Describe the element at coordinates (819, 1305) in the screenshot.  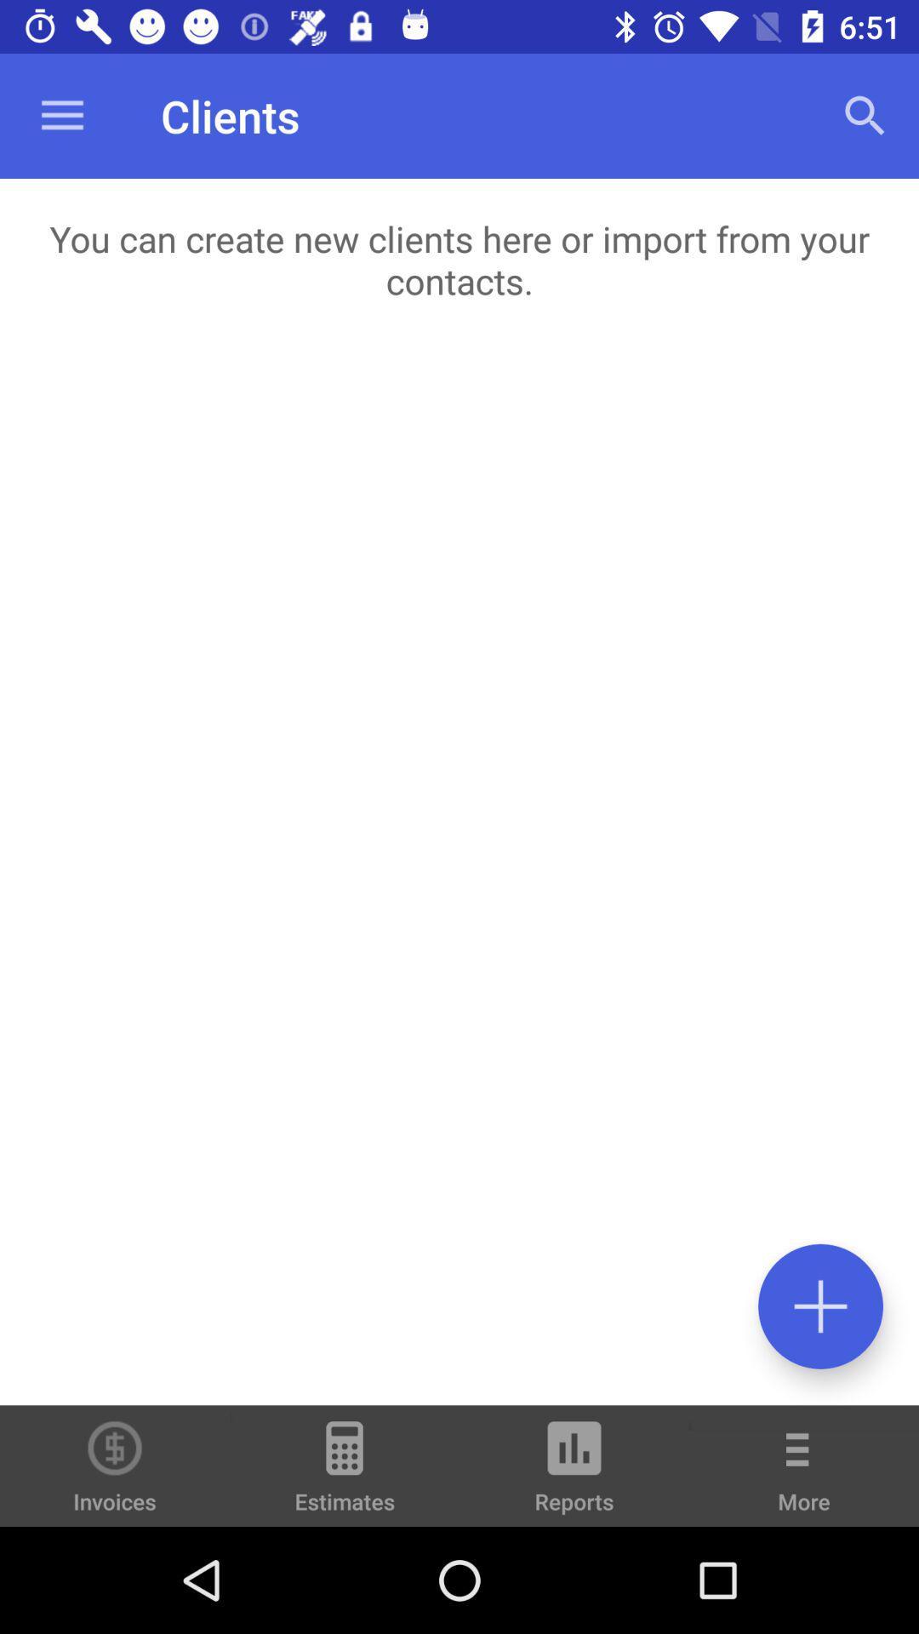
I see `client` at that location.